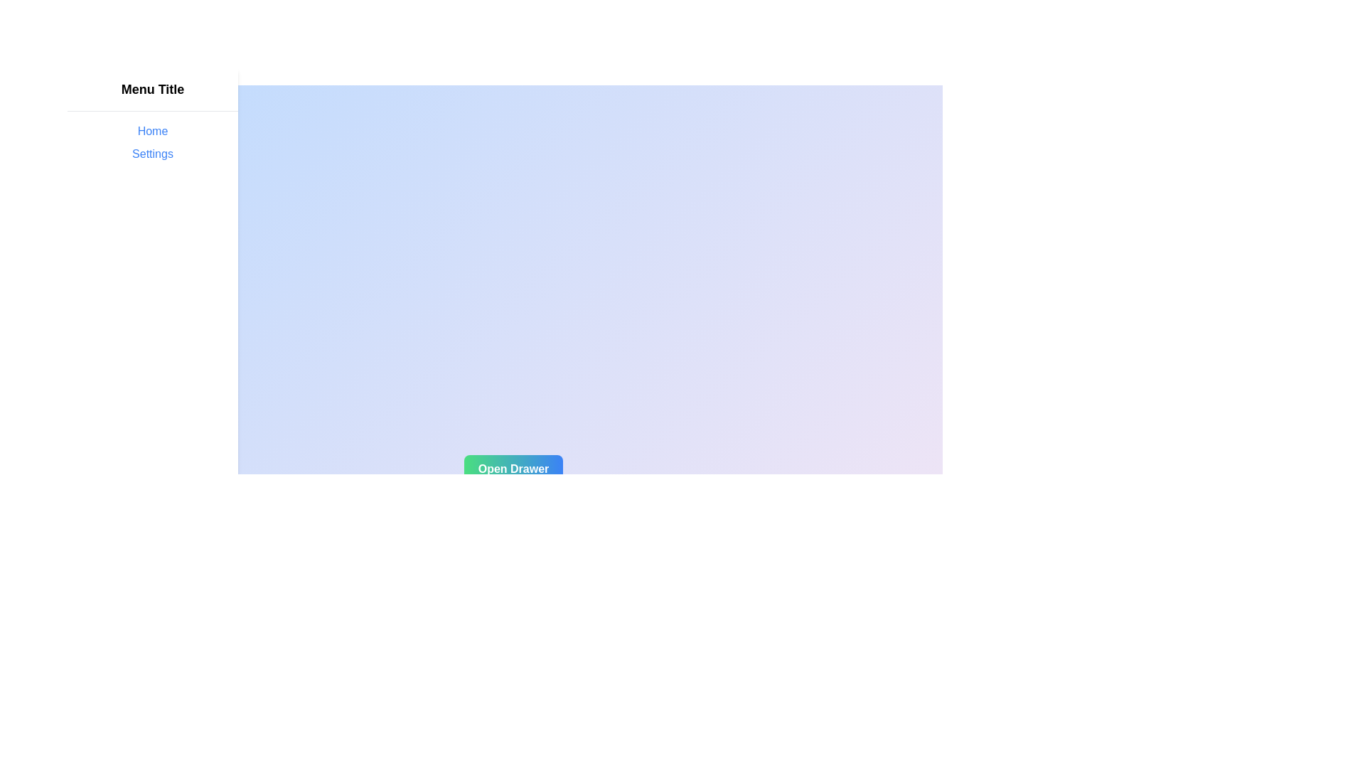 Image resolution: width=1365 pixels, height=768 pixels. Describe the element at coordinates (513, 469) in the screenshot. I see `'Open Drawer' button to open the drawer` at that location.